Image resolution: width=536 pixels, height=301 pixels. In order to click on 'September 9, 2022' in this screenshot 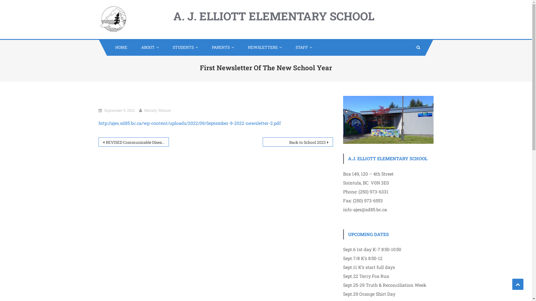, I will do `click(119, 110)`.